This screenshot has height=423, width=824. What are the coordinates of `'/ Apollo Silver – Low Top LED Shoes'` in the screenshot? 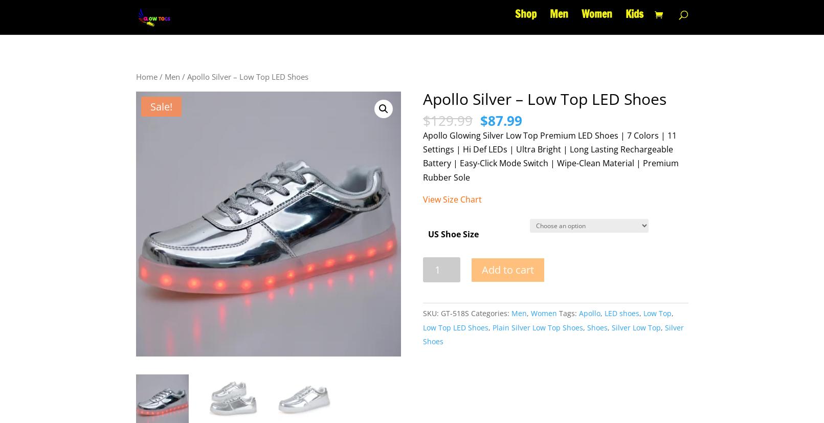 It's located at (243, 77).